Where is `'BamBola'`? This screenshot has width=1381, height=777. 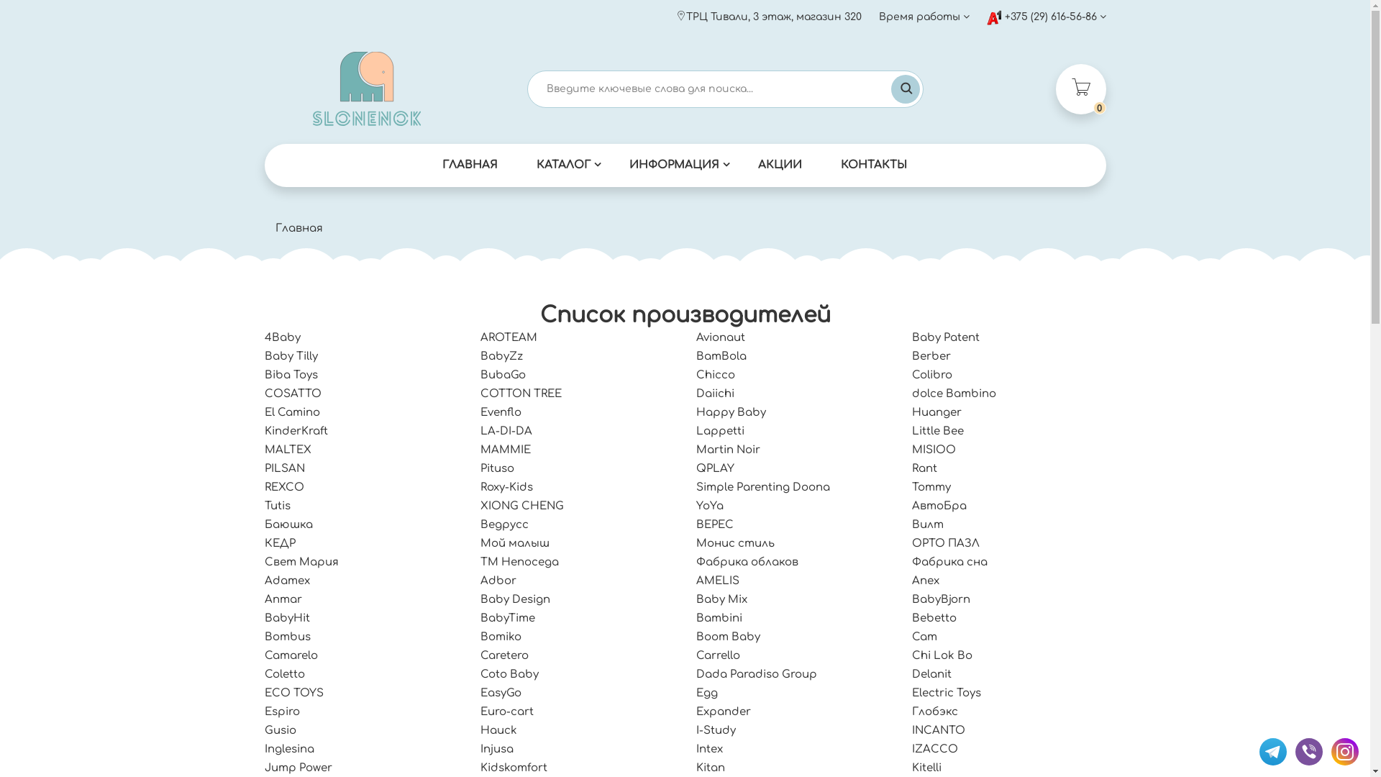
'BamBola' is located at coordinates (721, 356).